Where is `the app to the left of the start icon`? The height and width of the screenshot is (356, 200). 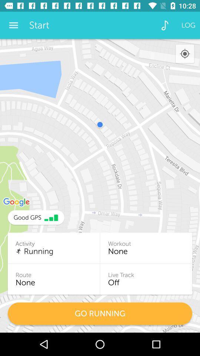 the app to the left of the start icon is located at coordinates (13, 25).